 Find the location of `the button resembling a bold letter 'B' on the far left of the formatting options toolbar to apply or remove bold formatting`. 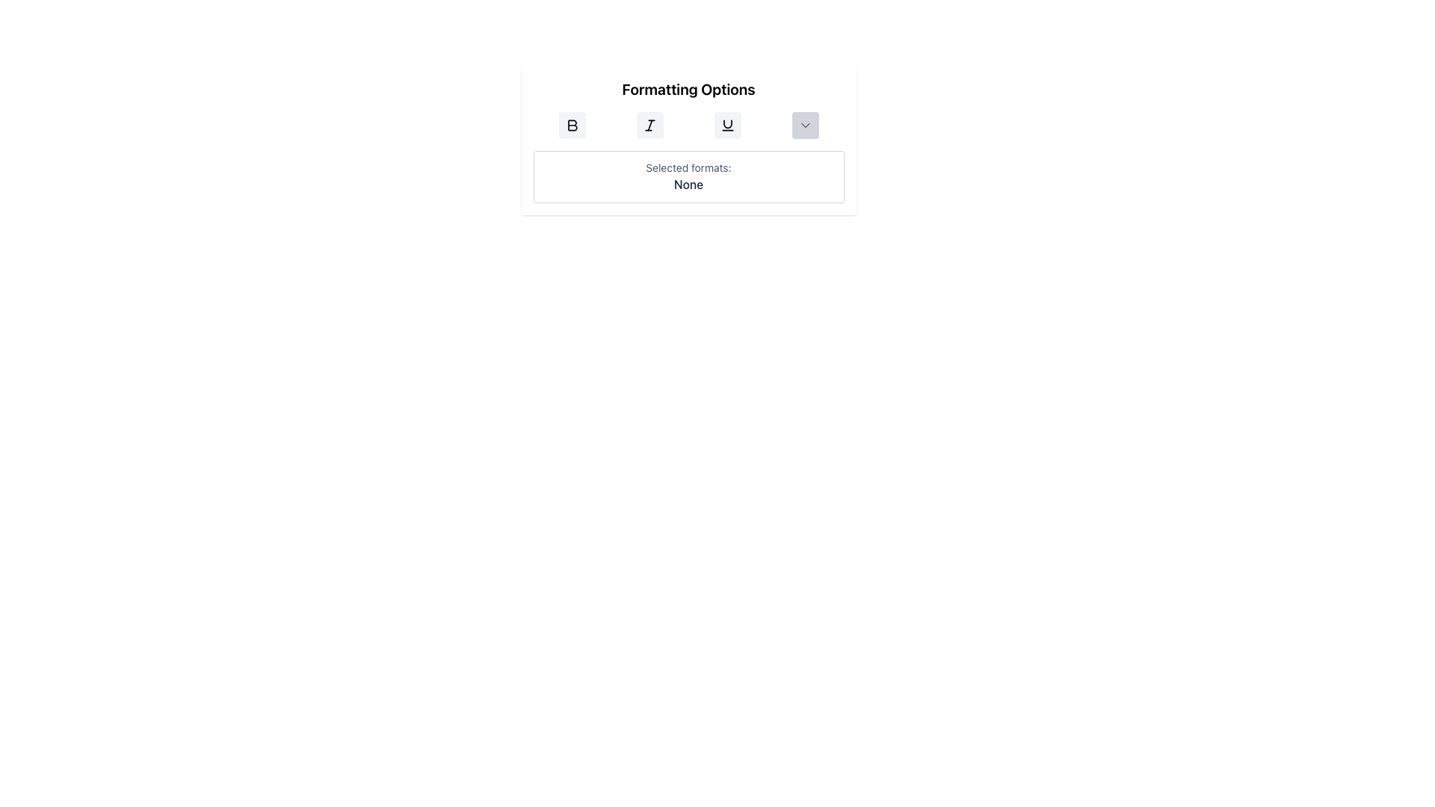

the button resembling a bold letter 'B' on the far left of the formatting options toolbar to apply or remove bold formatting is located at coordinates (571, 125).